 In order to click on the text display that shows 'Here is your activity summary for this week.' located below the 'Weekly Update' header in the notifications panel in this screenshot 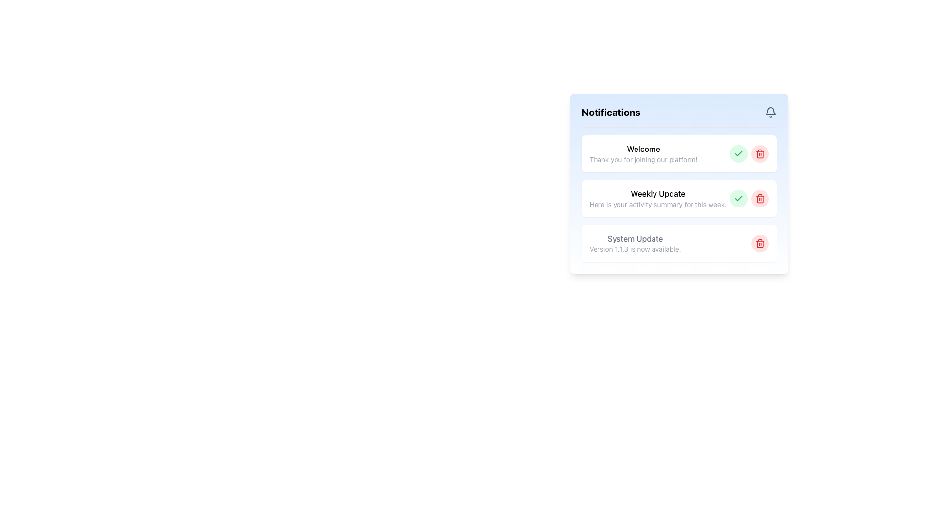, I will do `click(658, 204)`.